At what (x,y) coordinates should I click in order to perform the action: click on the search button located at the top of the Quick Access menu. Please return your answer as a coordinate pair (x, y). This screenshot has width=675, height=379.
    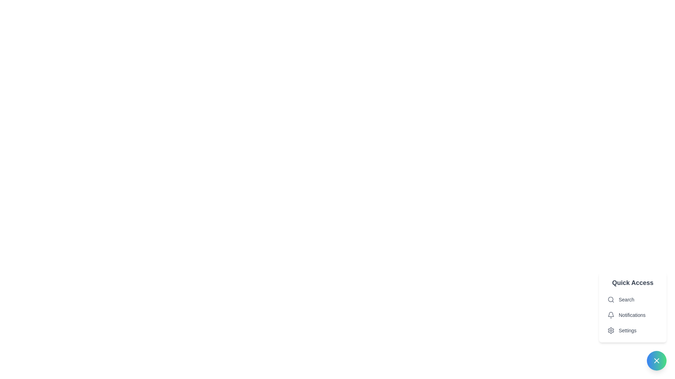
    Looking at the image, I should click on (633, 299).